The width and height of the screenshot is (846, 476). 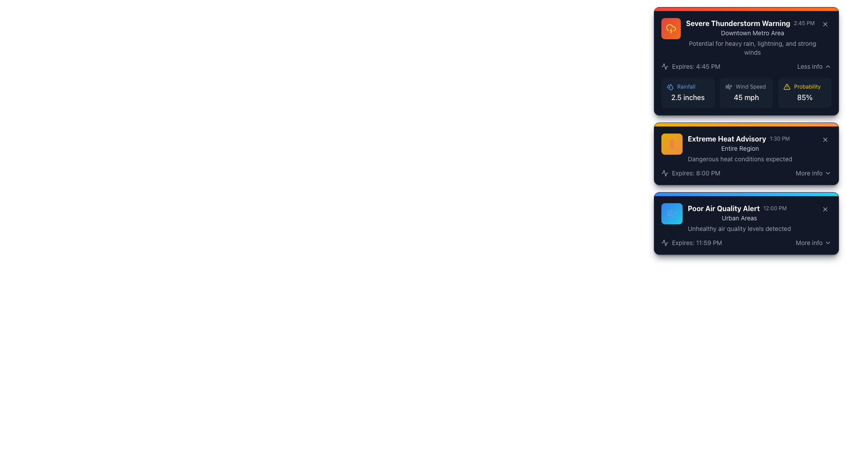 I want to click on the small circular button with an 'X' icon in the center, located at the top-right corner of the 'Extreme Heat Advisory' notification card, so click(x=824, y=139).